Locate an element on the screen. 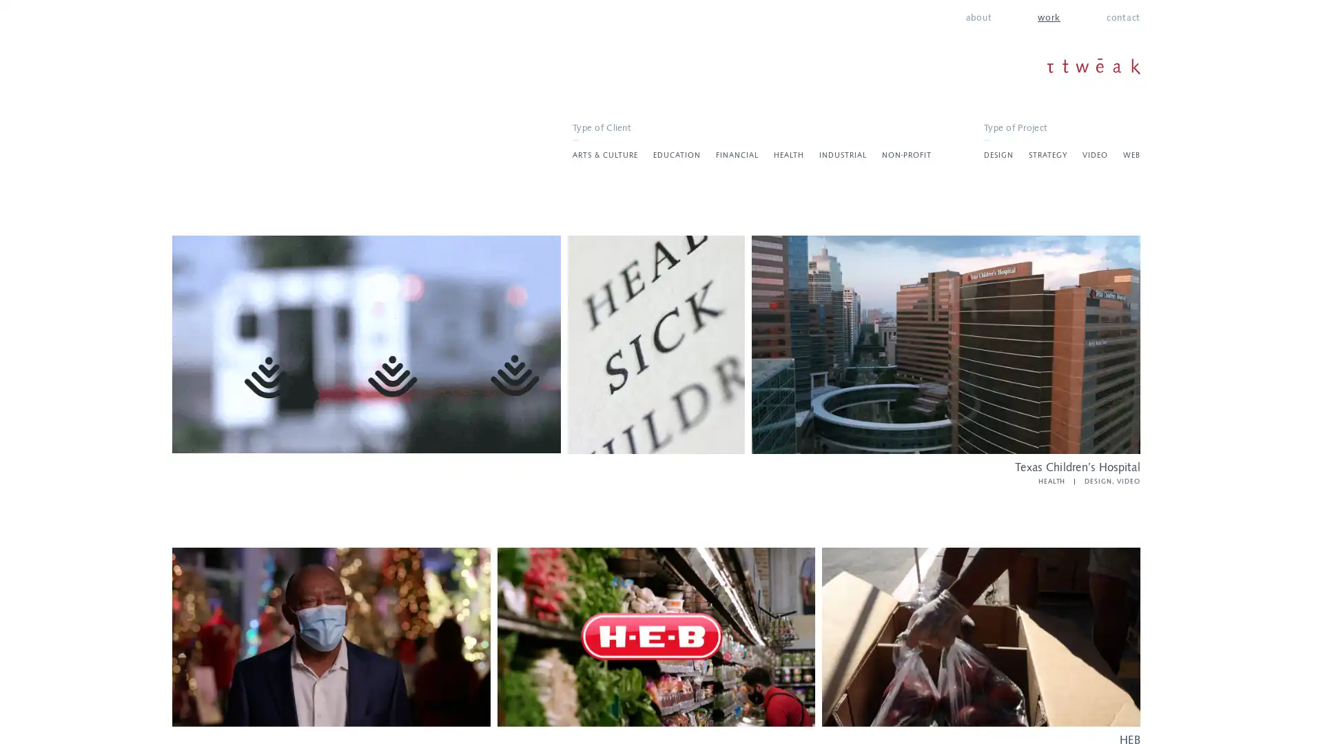 Image resolution: width=1323 pixels, height=744 pixels. FINANCIAL is located at coordinates (737, 155).